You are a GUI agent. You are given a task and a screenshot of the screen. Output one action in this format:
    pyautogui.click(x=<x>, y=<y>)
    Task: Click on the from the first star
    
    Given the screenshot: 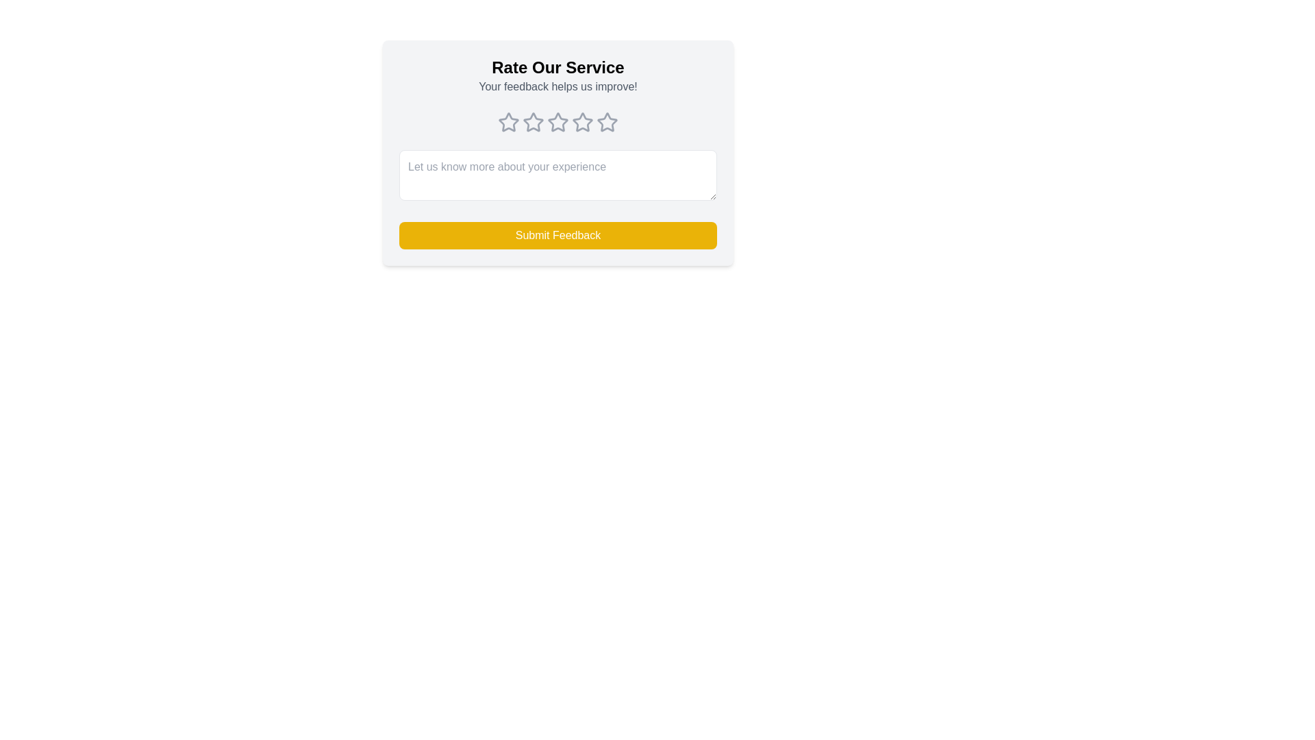 What is the action you would take?
    pyautogui.click(x=508, y=121)
    